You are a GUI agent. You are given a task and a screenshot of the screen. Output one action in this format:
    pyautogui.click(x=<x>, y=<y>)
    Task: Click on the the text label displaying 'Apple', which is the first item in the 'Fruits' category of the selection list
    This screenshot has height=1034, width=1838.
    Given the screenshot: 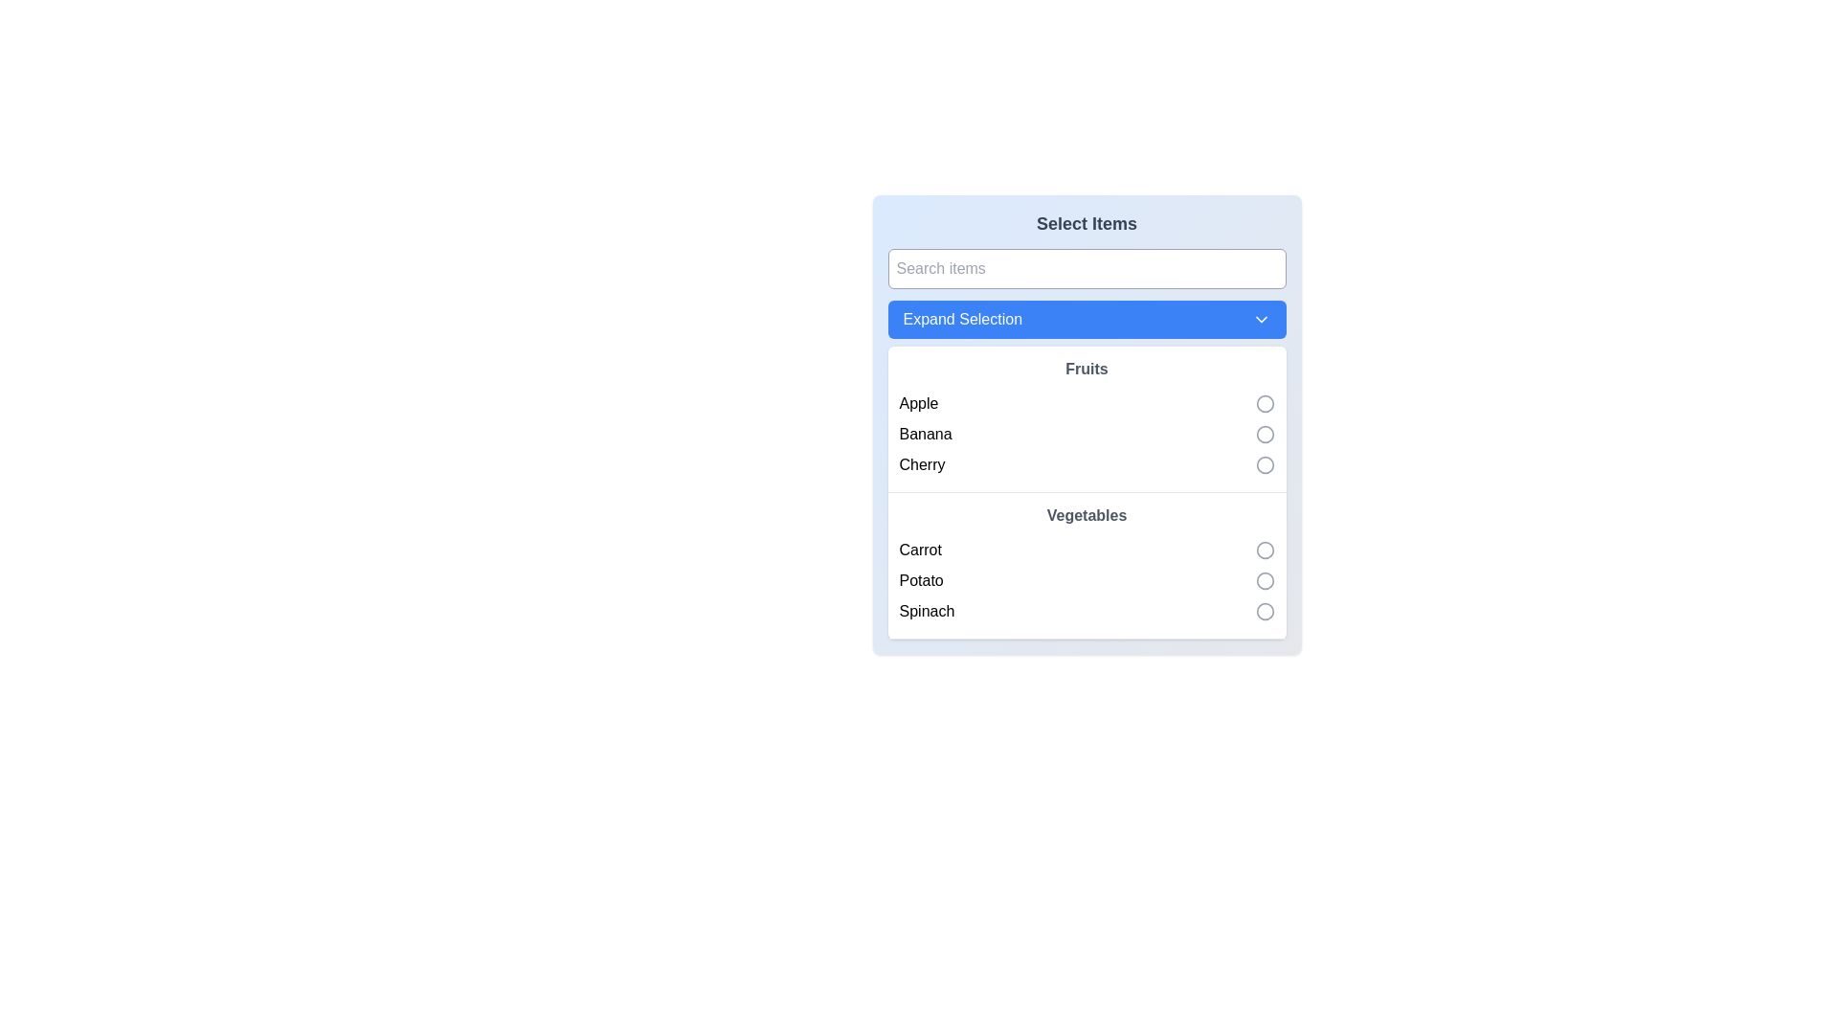 What is the action you would take?
    pyautogui.click(x=919, y=402)
    